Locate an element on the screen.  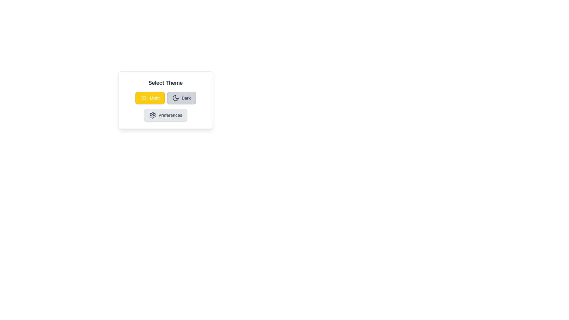
the outer gear icon of the 'Preferences' button located below the 'Select Theme' heading is located at coordinates (153, 115).